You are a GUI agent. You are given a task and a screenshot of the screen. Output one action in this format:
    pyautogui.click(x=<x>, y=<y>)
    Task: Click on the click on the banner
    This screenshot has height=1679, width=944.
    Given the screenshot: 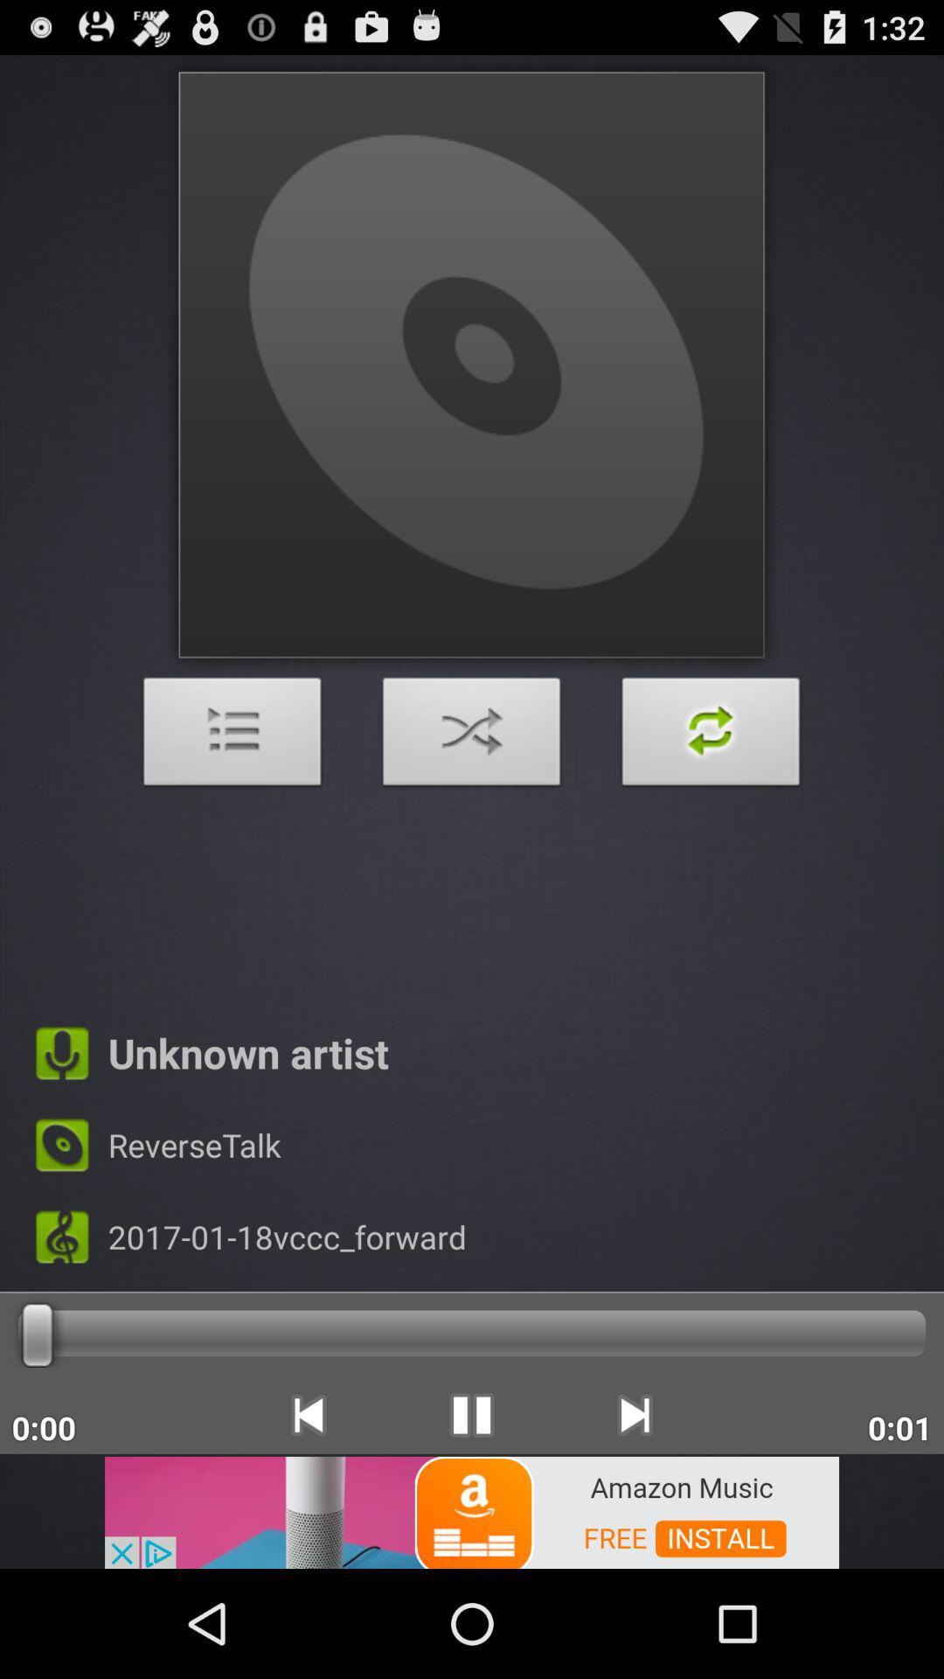 What is the action you would take?
    pyautogui.click(x=472, y=1510)
    